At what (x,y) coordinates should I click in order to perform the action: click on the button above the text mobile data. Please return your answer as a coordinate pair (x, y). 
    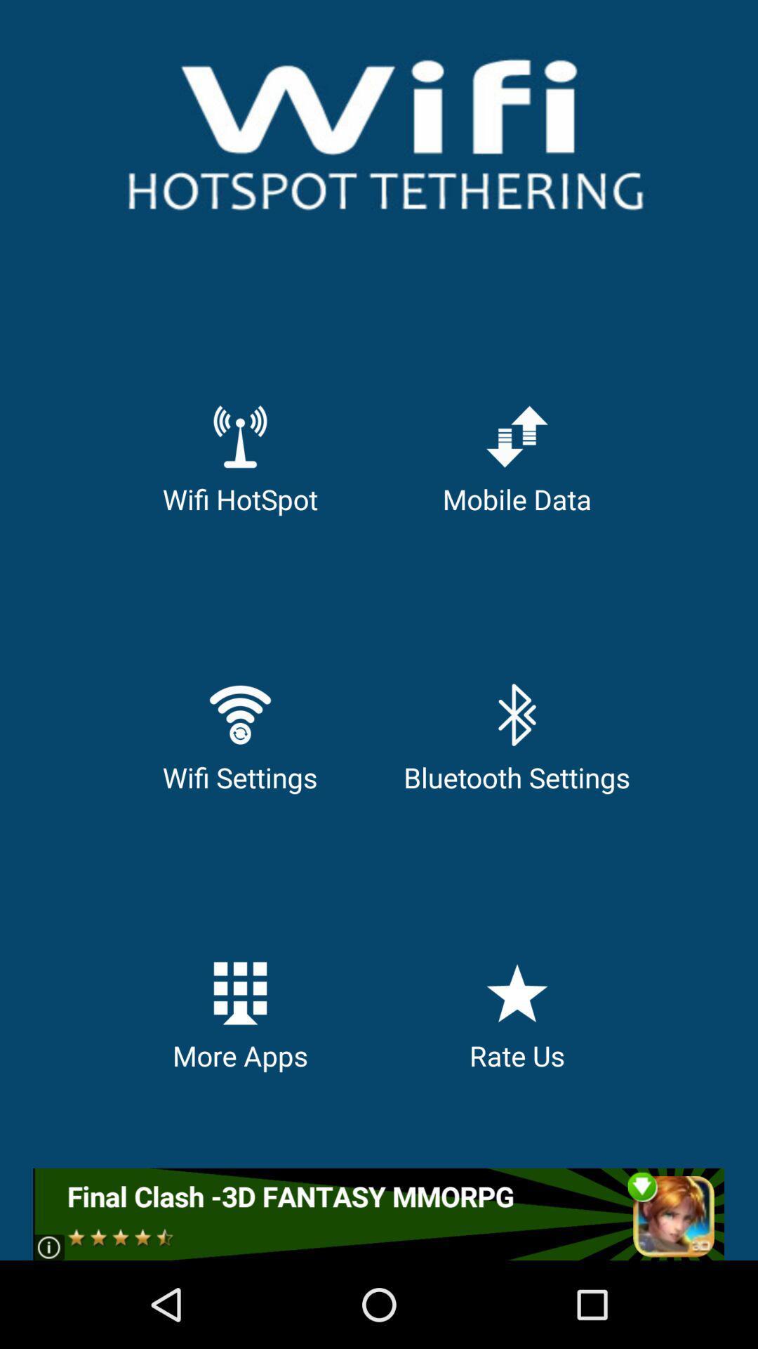
    Looking at the image, I should click on (517, 435).